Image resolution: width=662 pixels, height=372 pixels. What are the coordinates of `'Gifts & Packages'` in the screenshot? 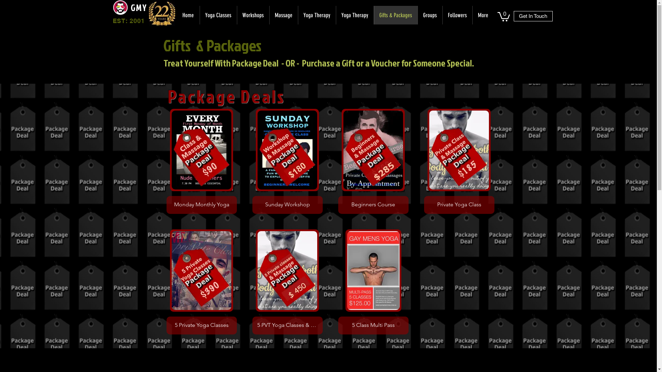 It's located at (395, 15).